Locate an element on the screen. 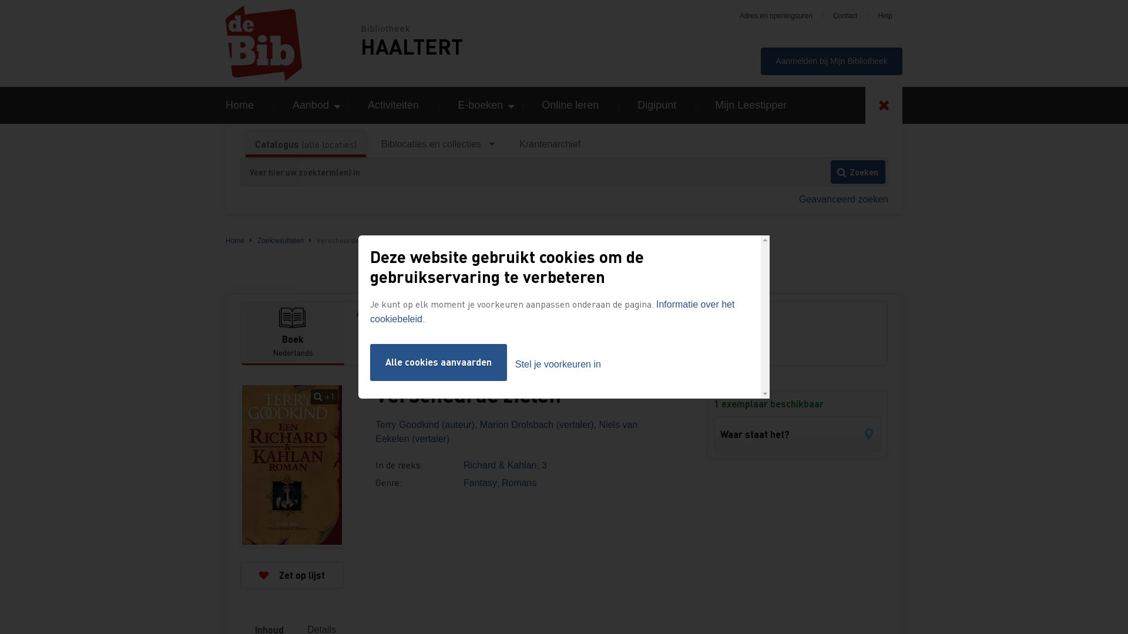 This screenshot has height=634, width=1128. 'Alle cookies aanvaarden' is located at coordinates (369, 362).